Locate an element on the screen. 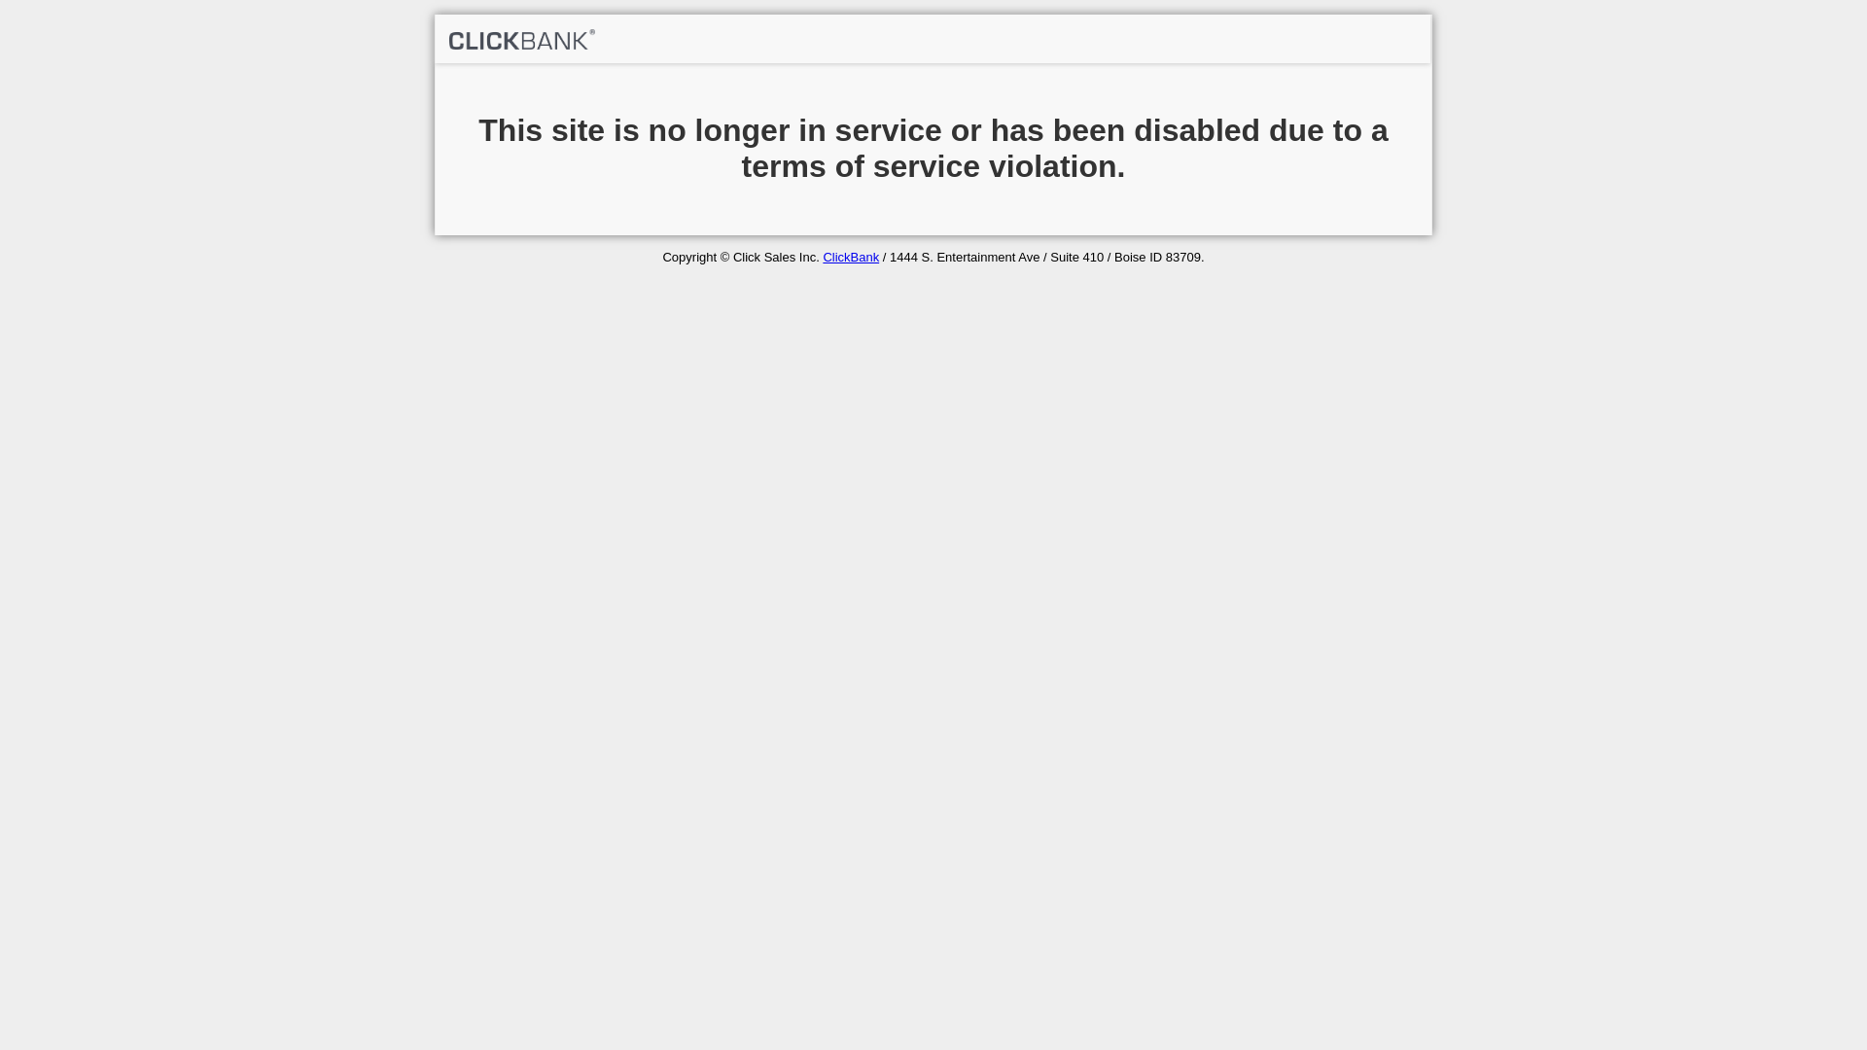  'ClickBank' is located at coordinates (850, 256).